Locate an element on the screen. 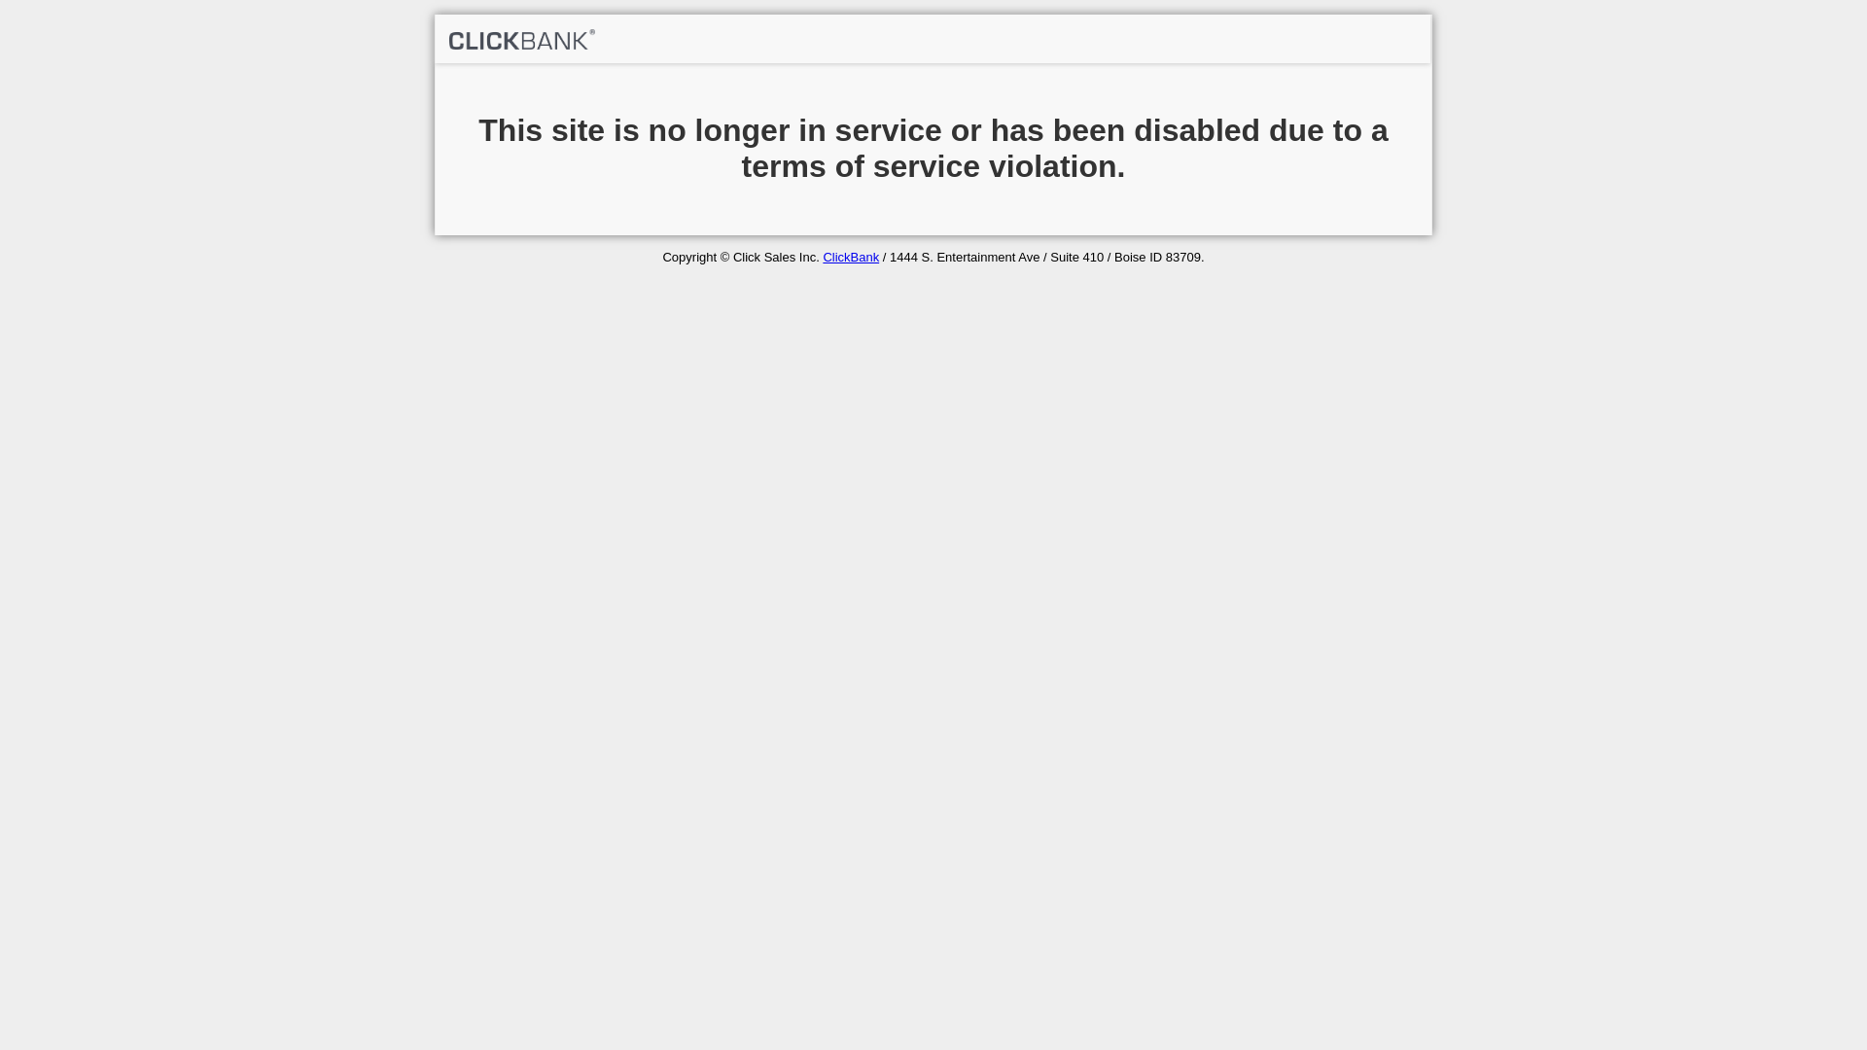  'ClickBank' is located at coordinates (850, 256).